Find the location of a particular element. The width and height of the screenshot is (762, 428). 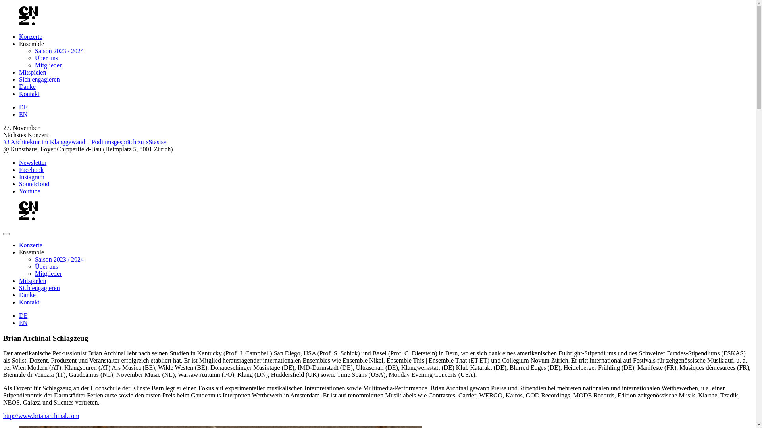

'Mitspielen' is located at coordinates (32, 72).